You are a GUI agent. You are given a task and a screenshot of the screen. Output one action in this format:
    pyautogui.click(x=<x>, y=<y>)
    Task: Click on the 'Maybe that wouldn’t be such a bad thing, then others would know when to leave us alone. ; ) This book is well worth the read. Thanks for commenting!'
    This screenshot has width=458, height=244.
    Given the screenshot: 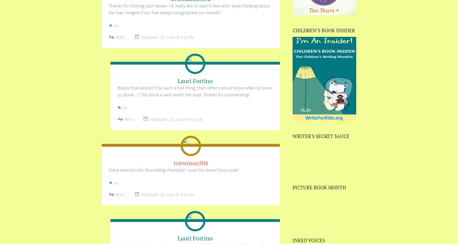 What is the action you would take?
    pyautogui.click(x=117, y=91)
    